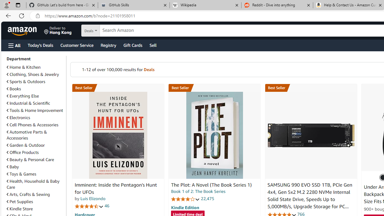 The image size is (384, 216). Describe the element at coordinates (211, 185) in the screenshot. I see `'The Plot: A Novel (The Book Series 1)'` at that location.